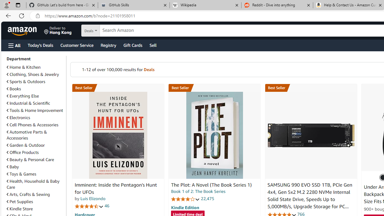 The image size is (384, 216). Describe the element at coordinates (211, 185) in the screenshot. I see `'The Plot: A Novel (The Book Series 1)'` at that location.